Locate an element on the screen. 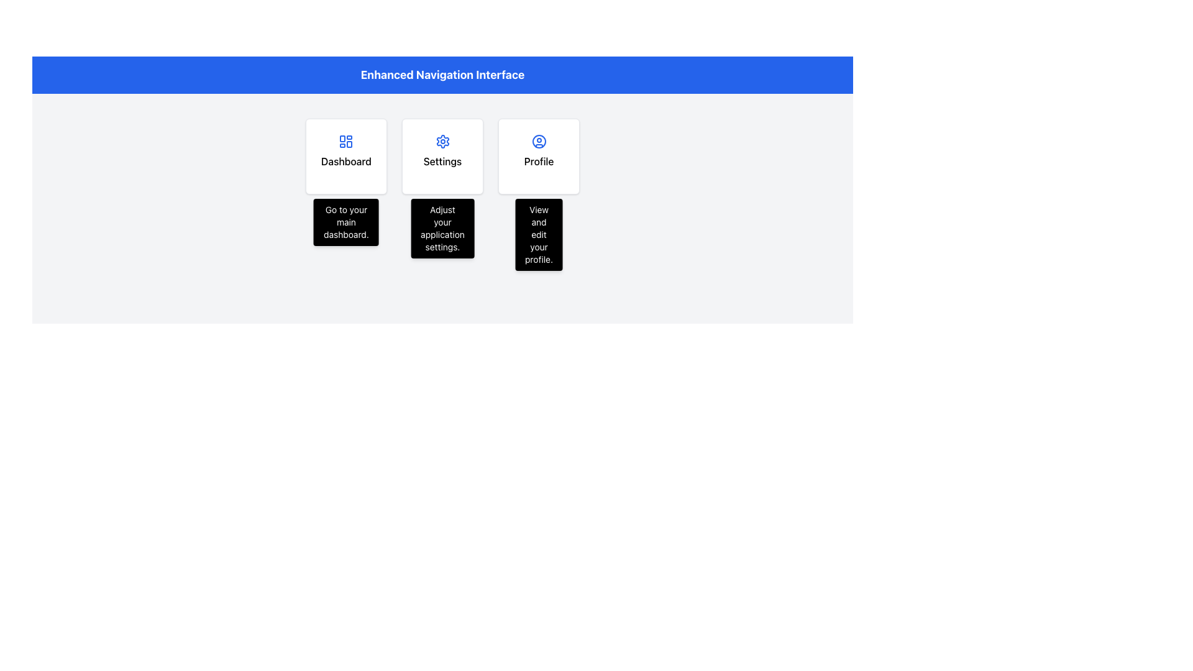 This screenshot has height=671, width=1193. the black tooltip with white text that reads 'View and edit your profile', which is located directly beneath the 'Profile' box is located at coordinates (539, 235).